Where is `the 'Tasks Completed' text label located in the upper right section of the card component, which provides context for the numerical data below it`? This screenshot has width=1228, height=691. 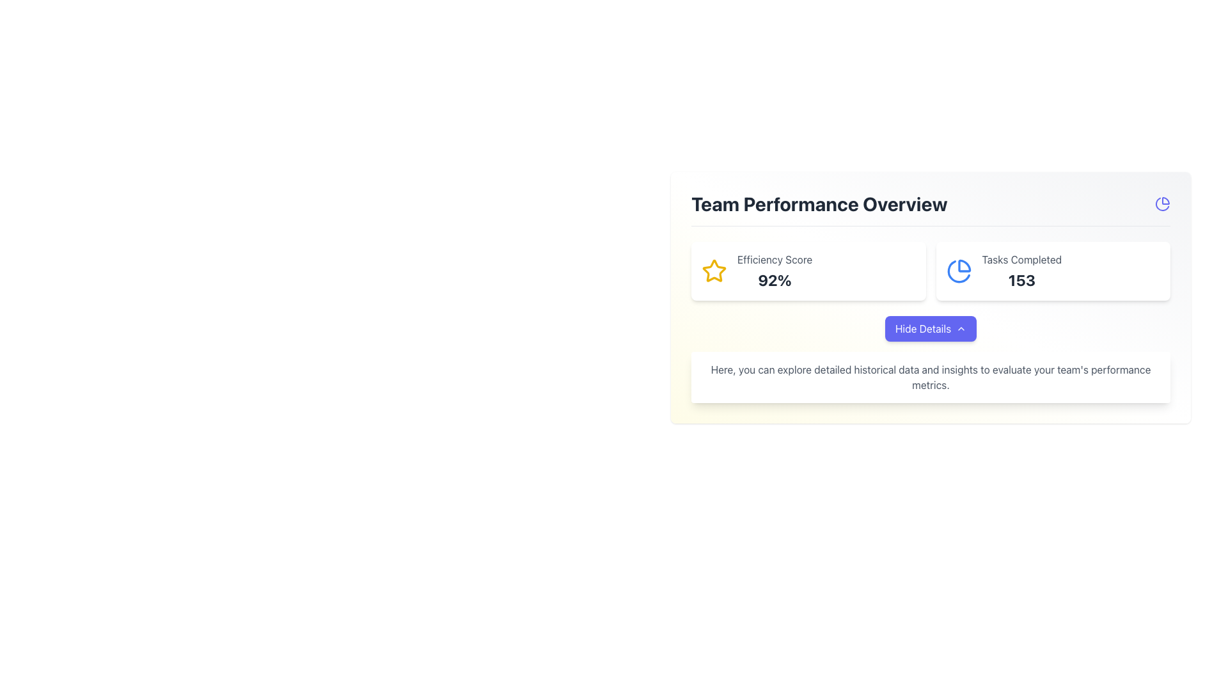
the 'Tasks Completed' text label located in the upper right section of the card component, which provides context for the numerical data below it is located at coordinates (1021, 259).